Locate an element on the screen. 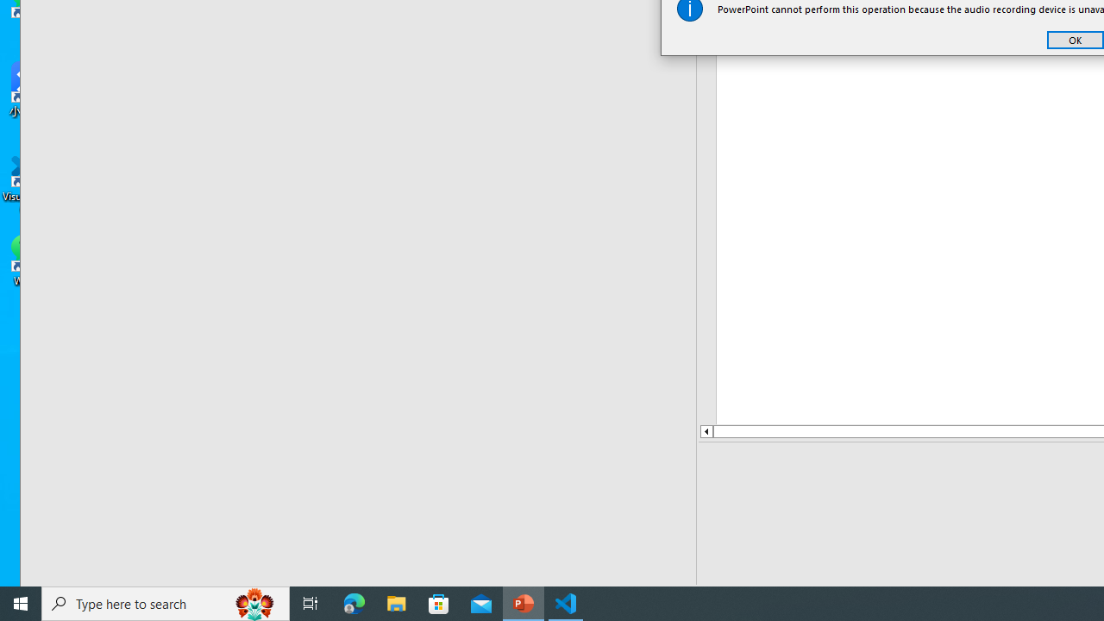  'Microsoft Edge' is located at coordinates (354, 602).